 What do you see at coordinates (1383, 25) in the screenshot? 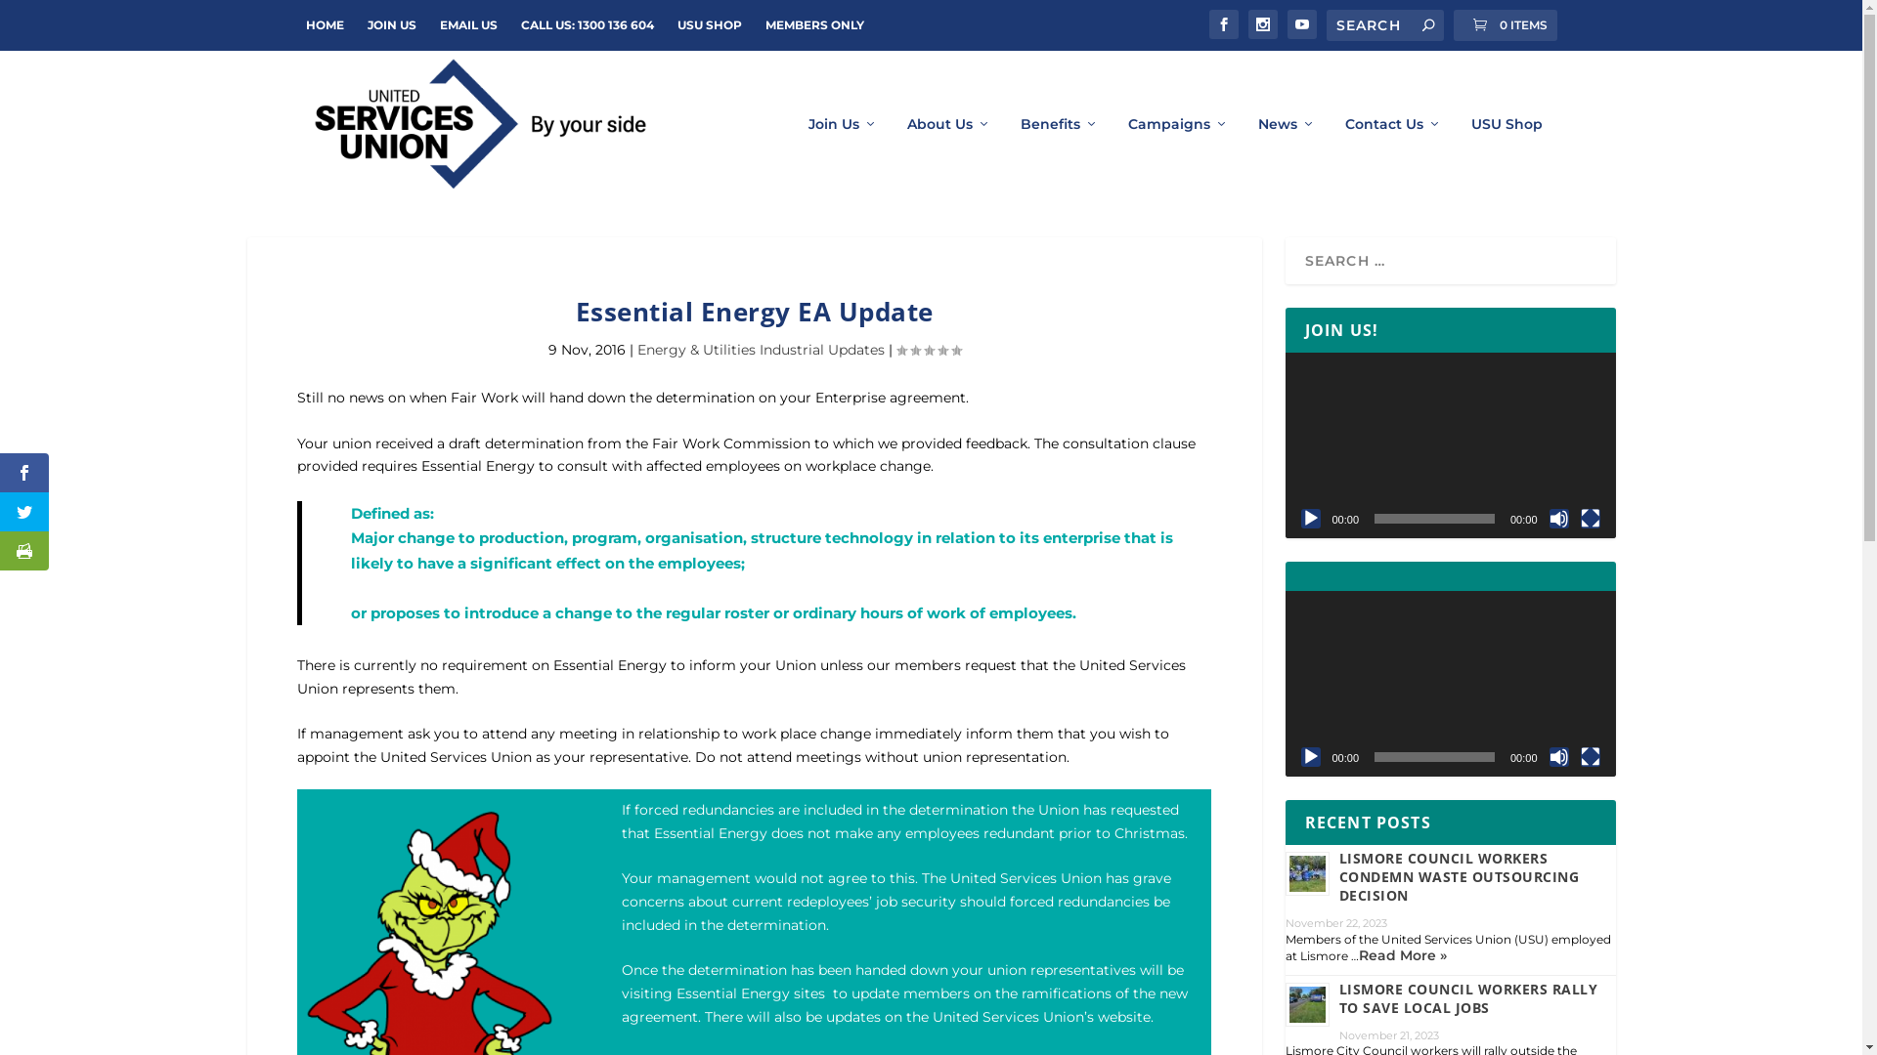
I see `'Search for:'` at bounding box center [1383, 25].